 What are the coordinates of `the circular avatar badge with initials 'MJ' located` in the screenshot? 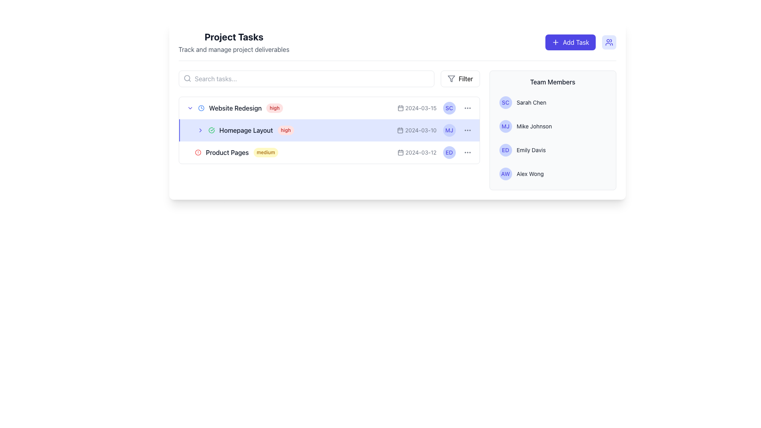 It's located at (505, 126).